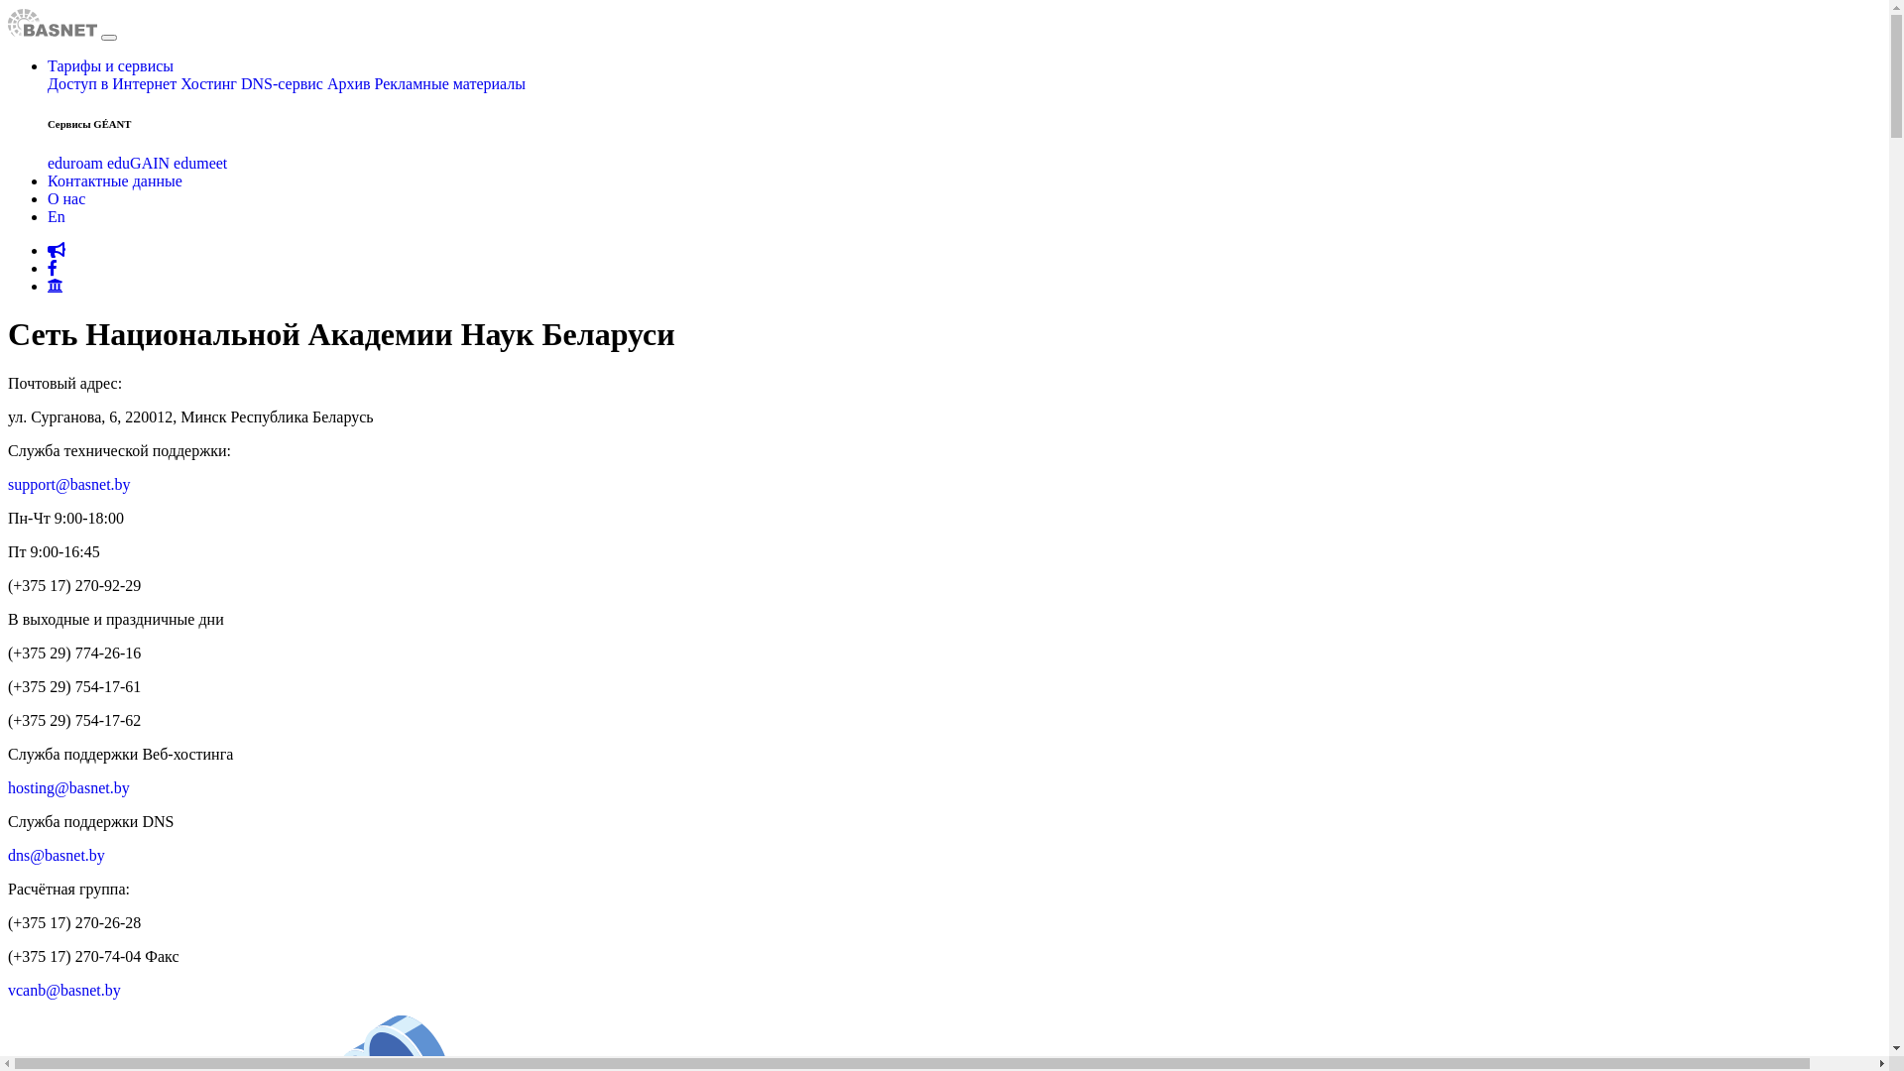 The image size is (1904, 1071). I want to click on 'eduroam', so click(75, 162).